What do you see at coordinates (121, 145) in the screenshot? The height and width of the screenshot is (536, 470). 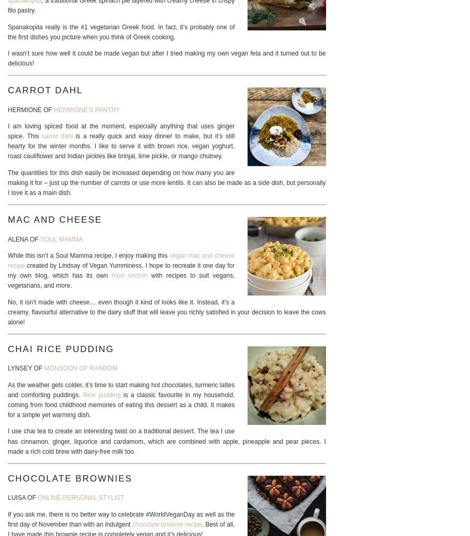 I see `'is a really quick and easy dinner to make, but it’s still hearty for the winter months. I like to serve it with brown rice, vegan yoghurt, roast cauliflower and Indian pickles like brinjal, lime pickle, or mango chutney.'` at bounding box center [121, 145].